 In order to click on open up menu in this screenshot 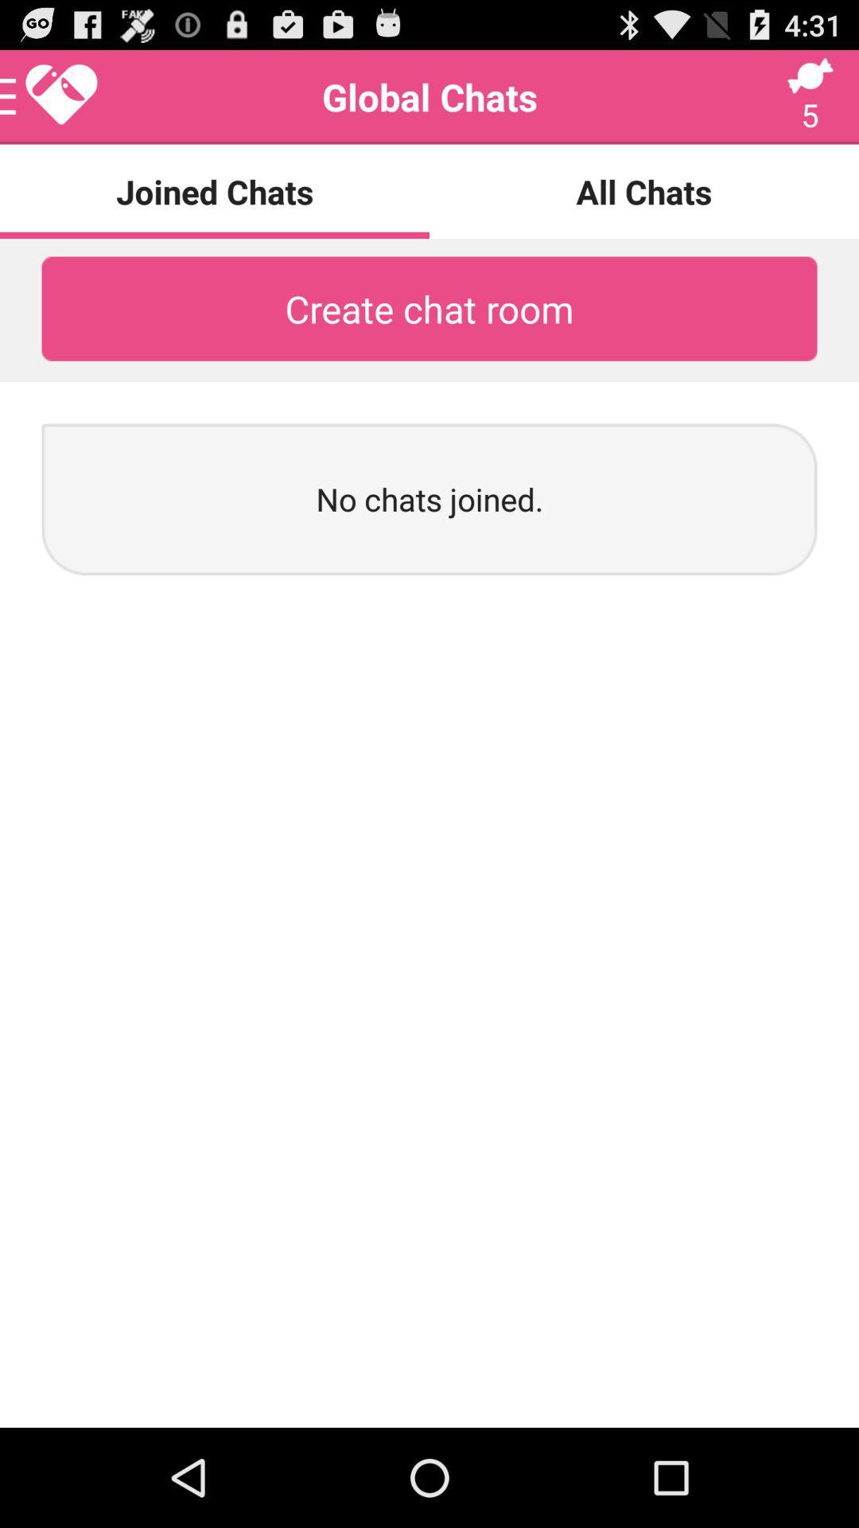, I will do `click(49, 96)`.